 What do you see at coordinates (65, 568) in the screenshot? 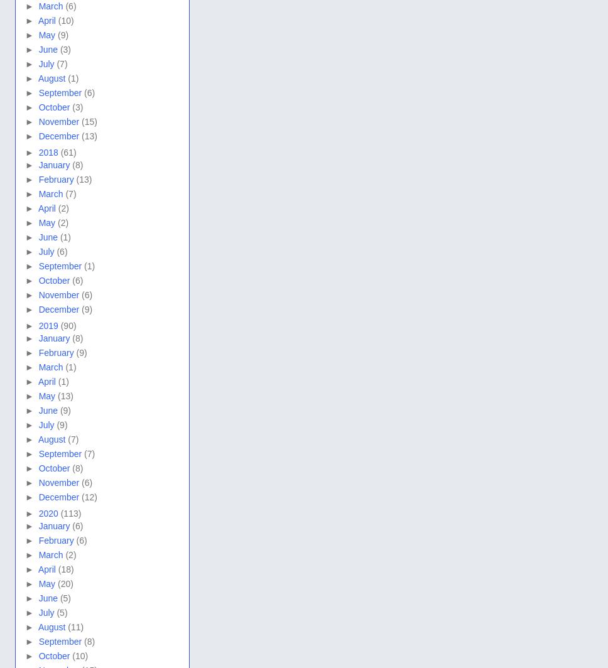
I see `'(18)'` at bounding box center [65, 568].